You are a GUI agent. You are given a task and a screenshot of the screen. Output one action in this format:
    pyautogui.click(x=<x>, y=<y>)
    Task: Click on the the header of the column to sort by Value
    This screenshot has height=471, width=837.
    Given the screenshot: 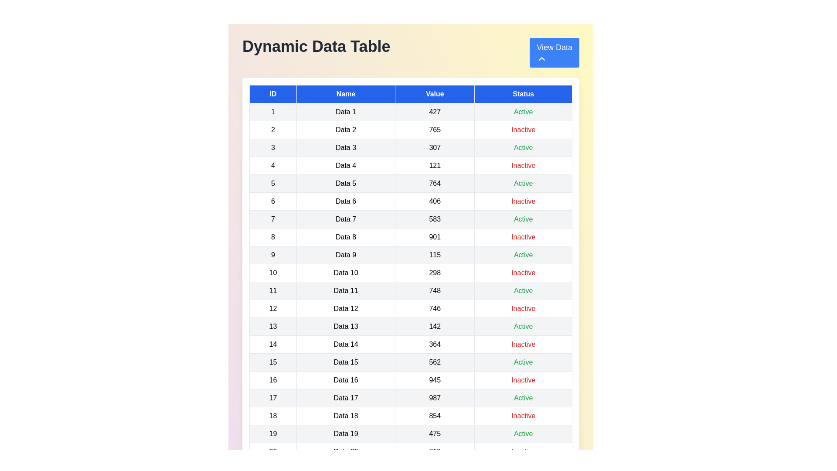 What is the action you would take?
    pyautogui.click(x=435, y=94)
    